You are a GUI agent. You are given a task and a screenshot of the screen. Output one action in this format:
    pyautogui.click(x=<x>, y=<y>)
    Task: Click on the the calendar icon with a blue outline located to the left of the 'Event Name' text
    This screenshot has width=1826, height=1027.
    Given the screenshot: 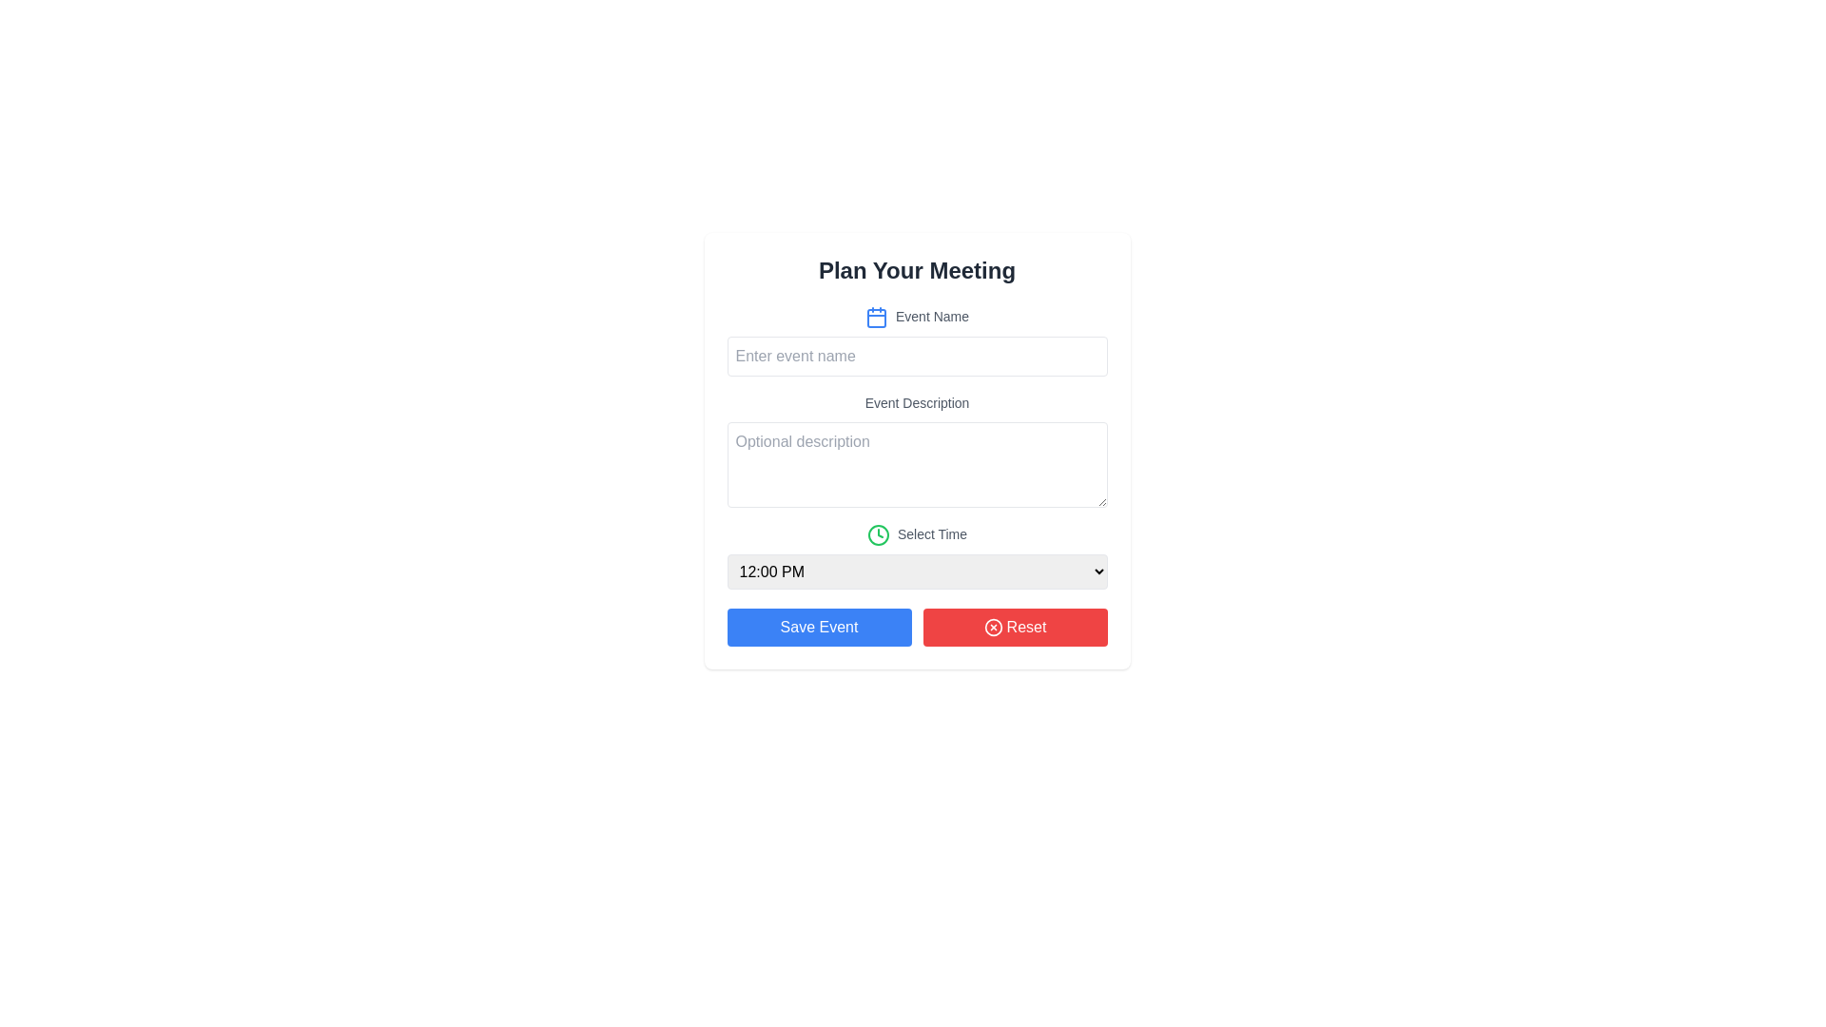 What is the action you would take?
    pyautogui.click(x=875, y=316)
    